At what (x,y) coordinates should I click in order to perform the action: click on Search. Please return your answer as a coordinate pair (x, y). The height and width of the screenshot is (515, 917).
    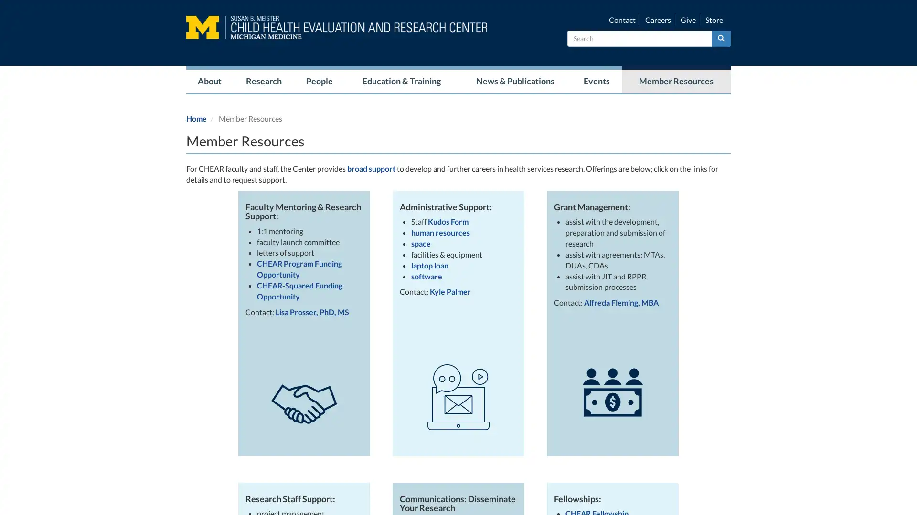
    Looking at the image, I should click on (721, 38).